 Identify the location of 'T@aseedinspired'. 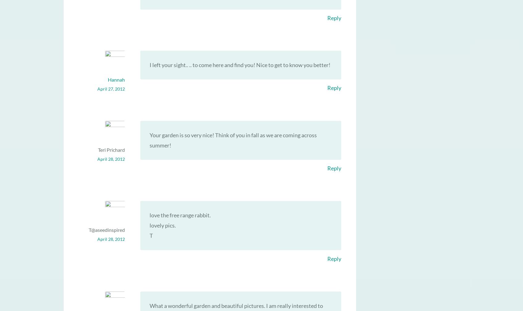
(106, 230).